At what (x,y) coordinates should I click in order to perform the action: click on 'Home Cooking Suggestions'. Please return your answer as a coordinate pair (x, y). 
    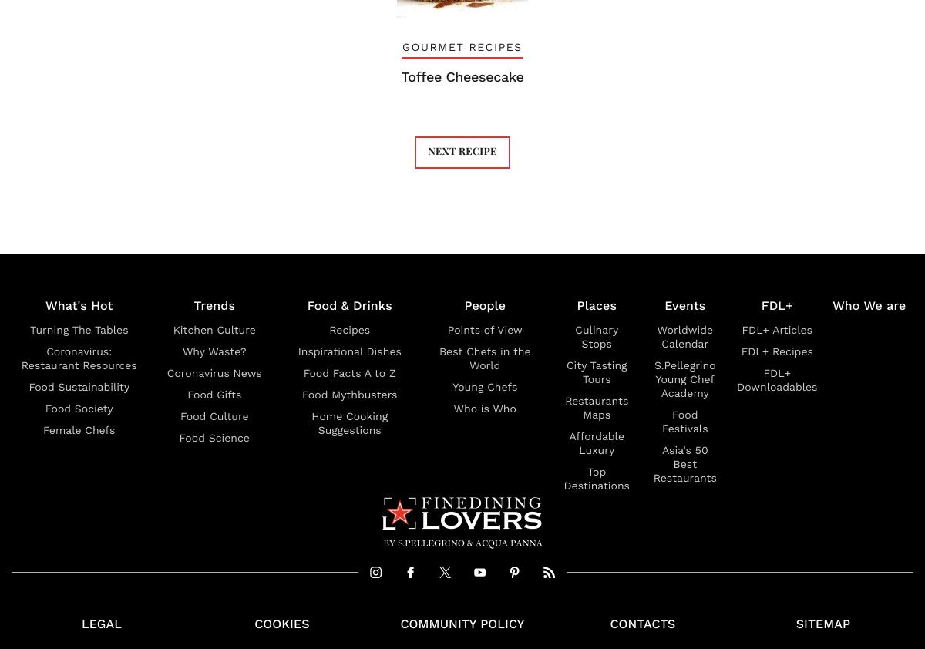
    Looking at the image, I should click on (348, 422).